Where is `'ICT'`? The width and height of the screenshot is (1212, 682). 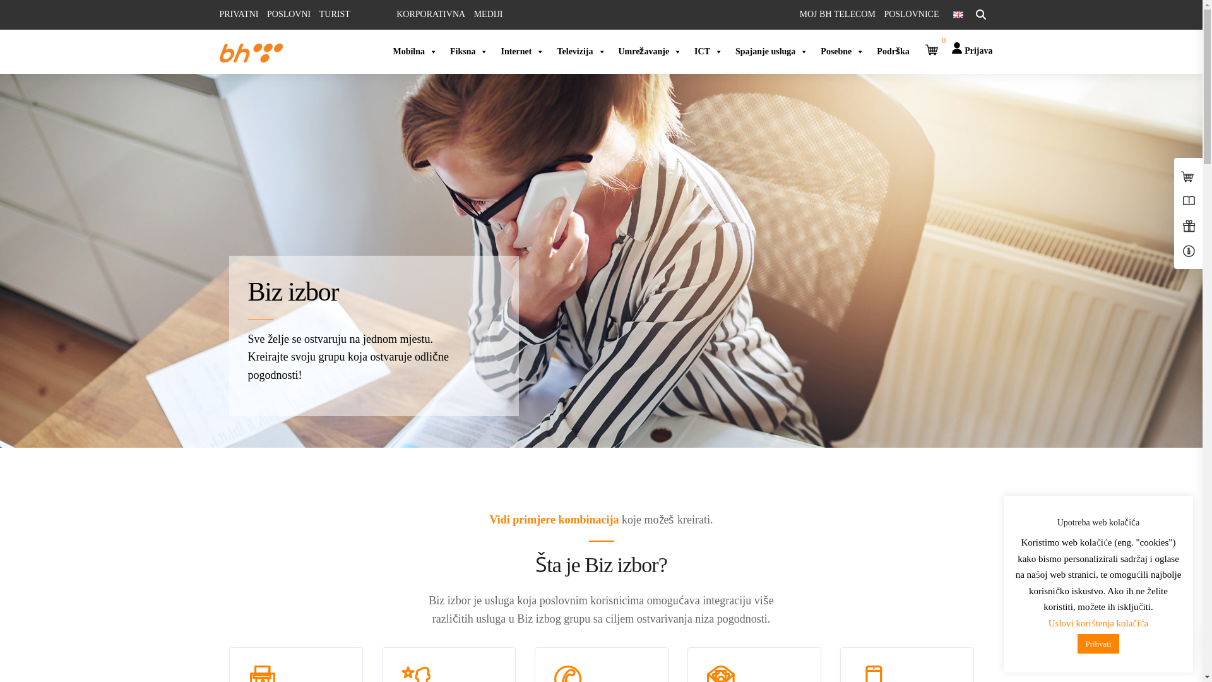 'ICT' is located at coordinates (708, 51).